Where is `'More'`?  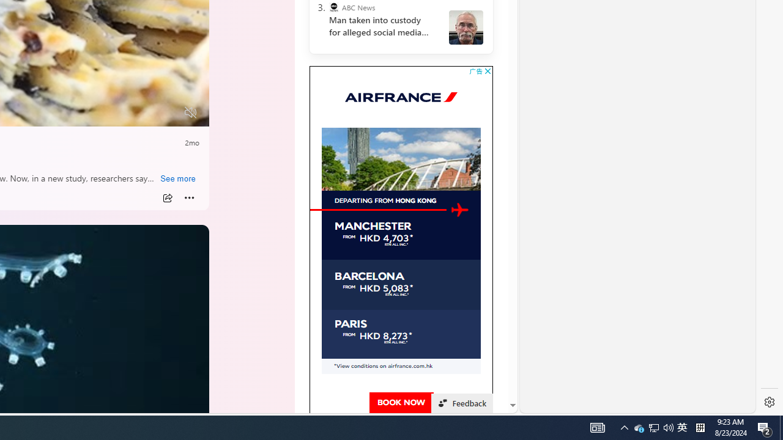 'More' is located at coordinates (189, 197).